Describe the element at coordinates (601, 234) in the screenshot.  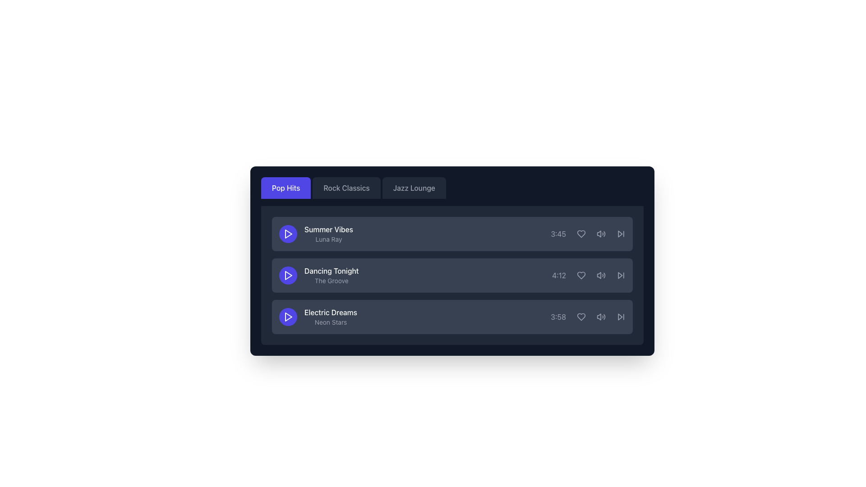
I see `the volume control icon located to the right of the '3:45' text and heart icon` at that location.